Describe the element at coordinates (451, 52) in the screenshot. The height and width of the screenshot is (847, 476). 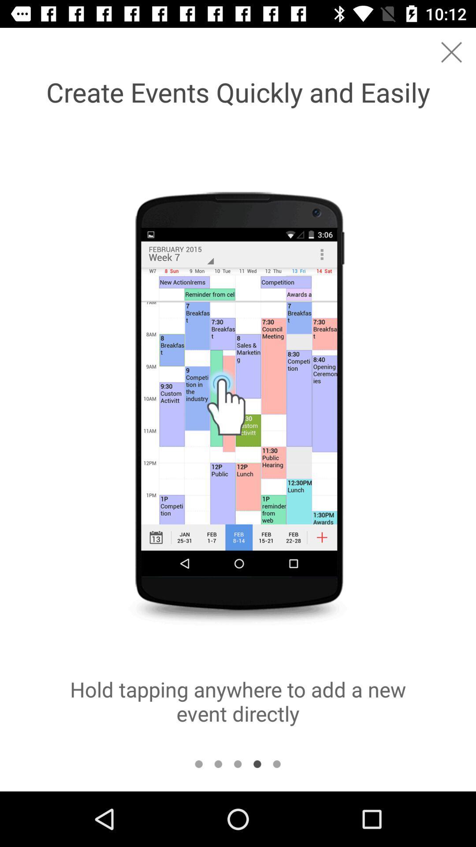
I see `the close icon` at that location.